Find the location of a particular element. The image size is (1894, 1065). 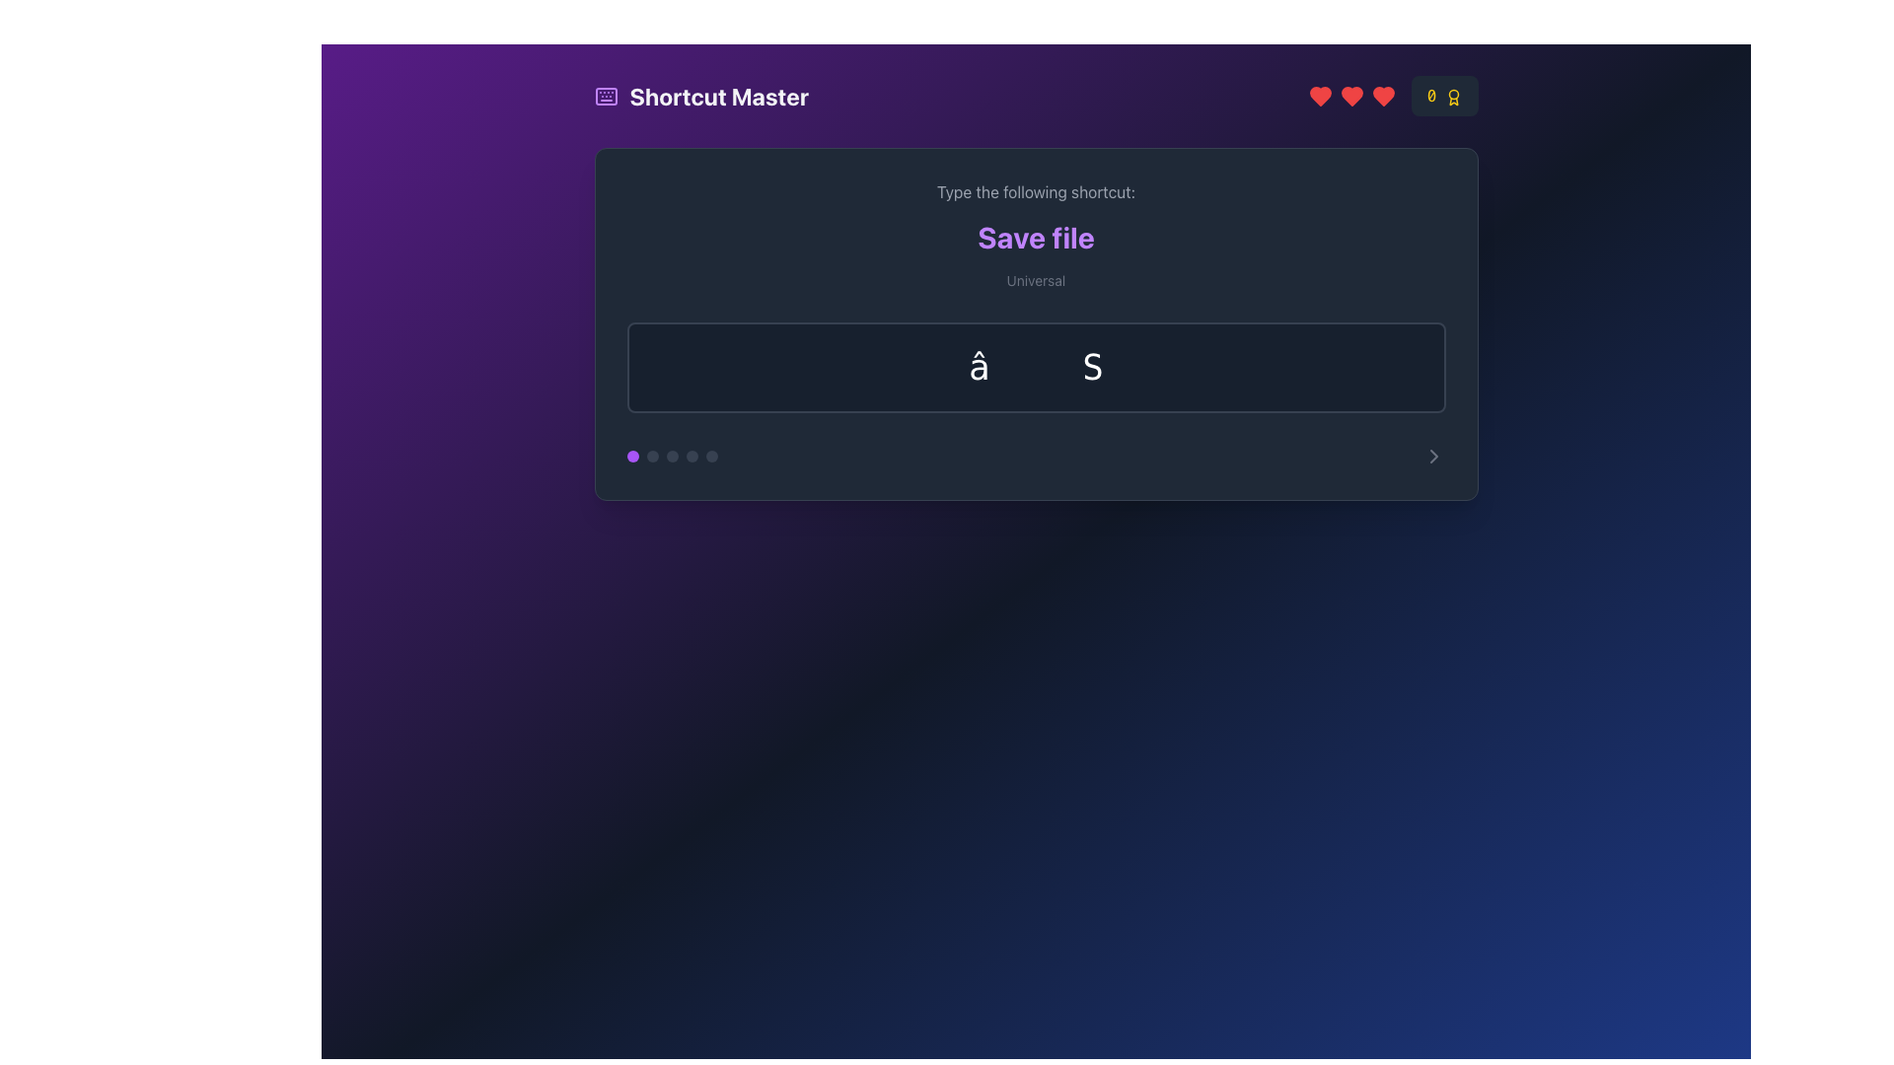

the favorite status icon, which is the middle heart icon located in the top-right corner of the interface is located at coordinates (1350, 96).